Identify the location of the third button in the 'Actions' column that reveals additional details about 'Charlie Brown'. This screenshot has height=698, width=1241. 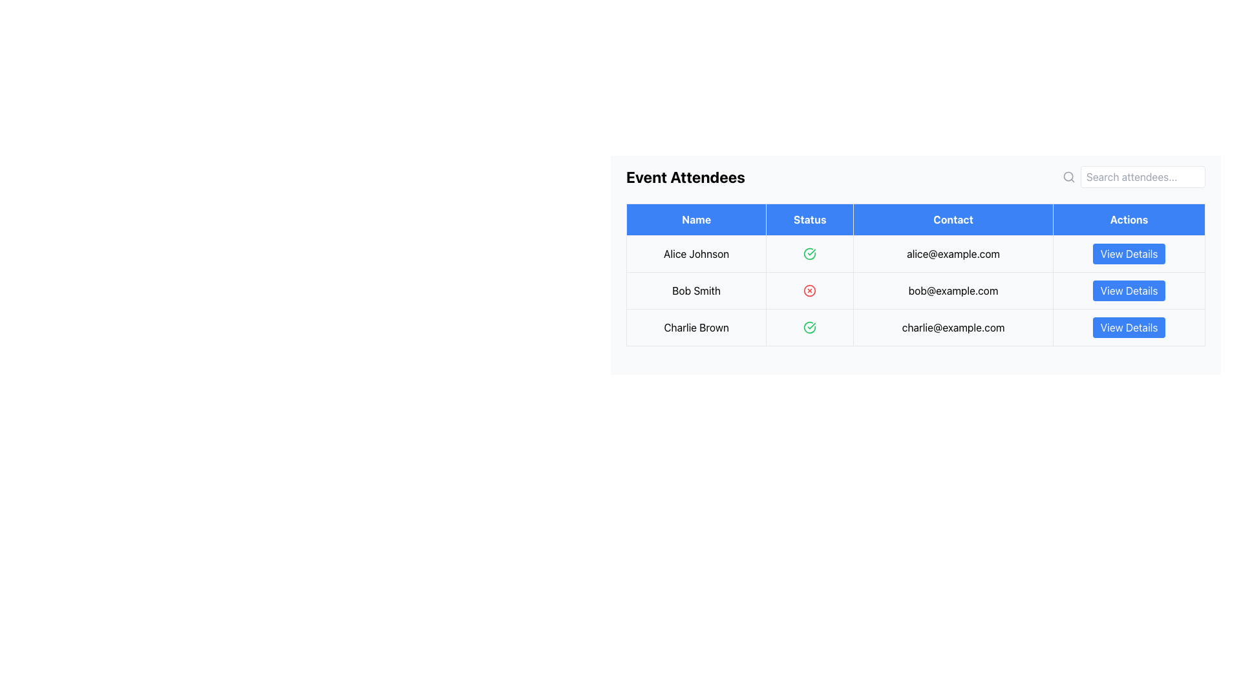
(1129, 326).